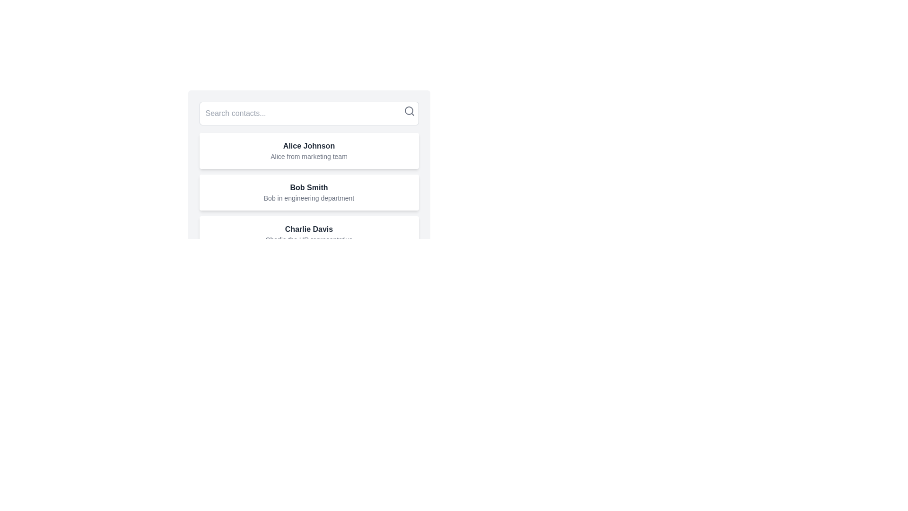 The width and height of the screenshot is (908, 511). What do you see at coordinates (409, 111) in the screenshot?
I see `the magnifying glass icon located at the top-right corner of the search bar` at bounding box center [409, 111].